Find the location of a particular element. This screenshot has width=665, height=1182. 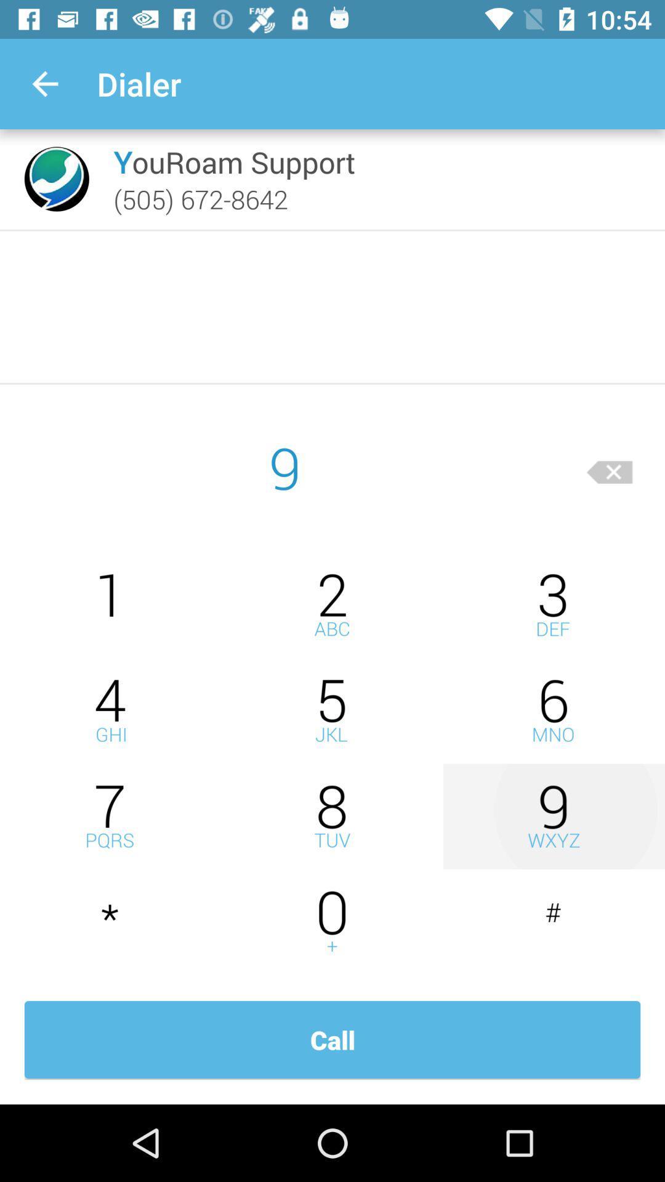

the (505) 672-8642 item is located at coordinates (200, 199).